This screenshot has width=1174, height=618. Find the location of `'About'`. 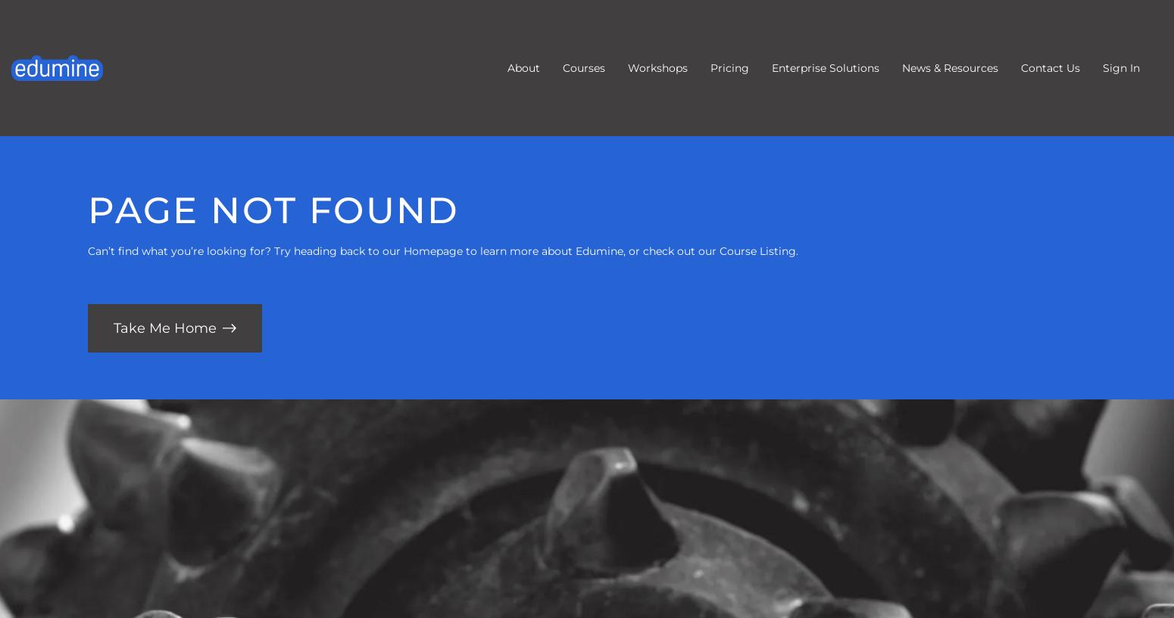

'About' is located at coordinates (523, 68).